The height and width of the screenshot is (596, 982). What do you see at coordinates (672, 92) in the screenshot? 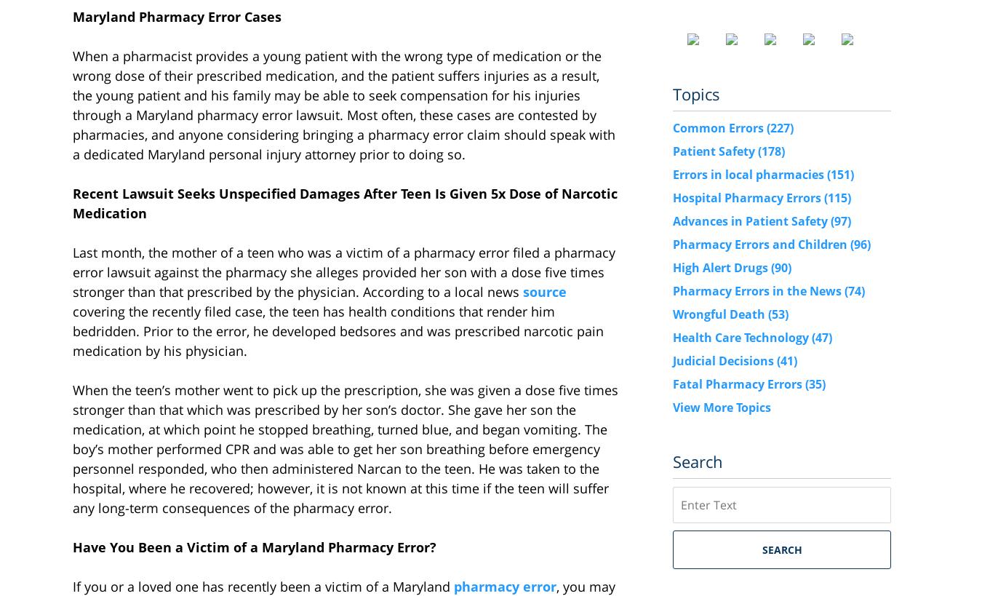
I see `'Topics'` at bounding box center [672, 92].